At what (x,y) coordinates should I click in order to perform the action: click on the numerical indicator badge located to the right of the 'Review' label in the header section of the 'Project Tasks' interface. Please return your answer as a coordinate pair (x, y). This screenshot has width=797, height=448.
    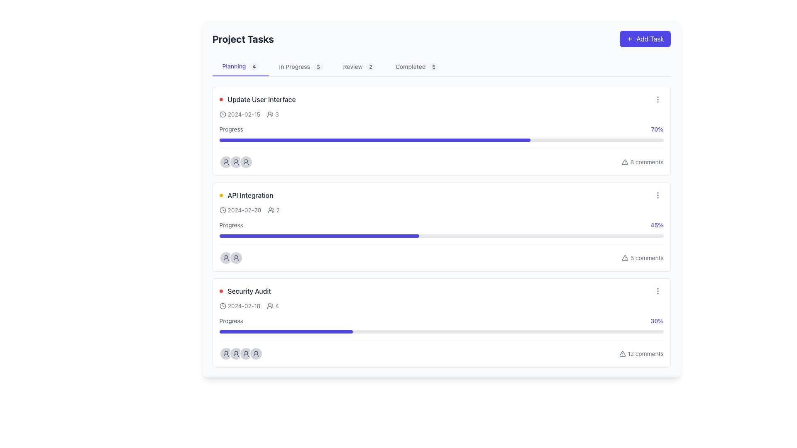
    Looking at the image, I should click on (370, 66).